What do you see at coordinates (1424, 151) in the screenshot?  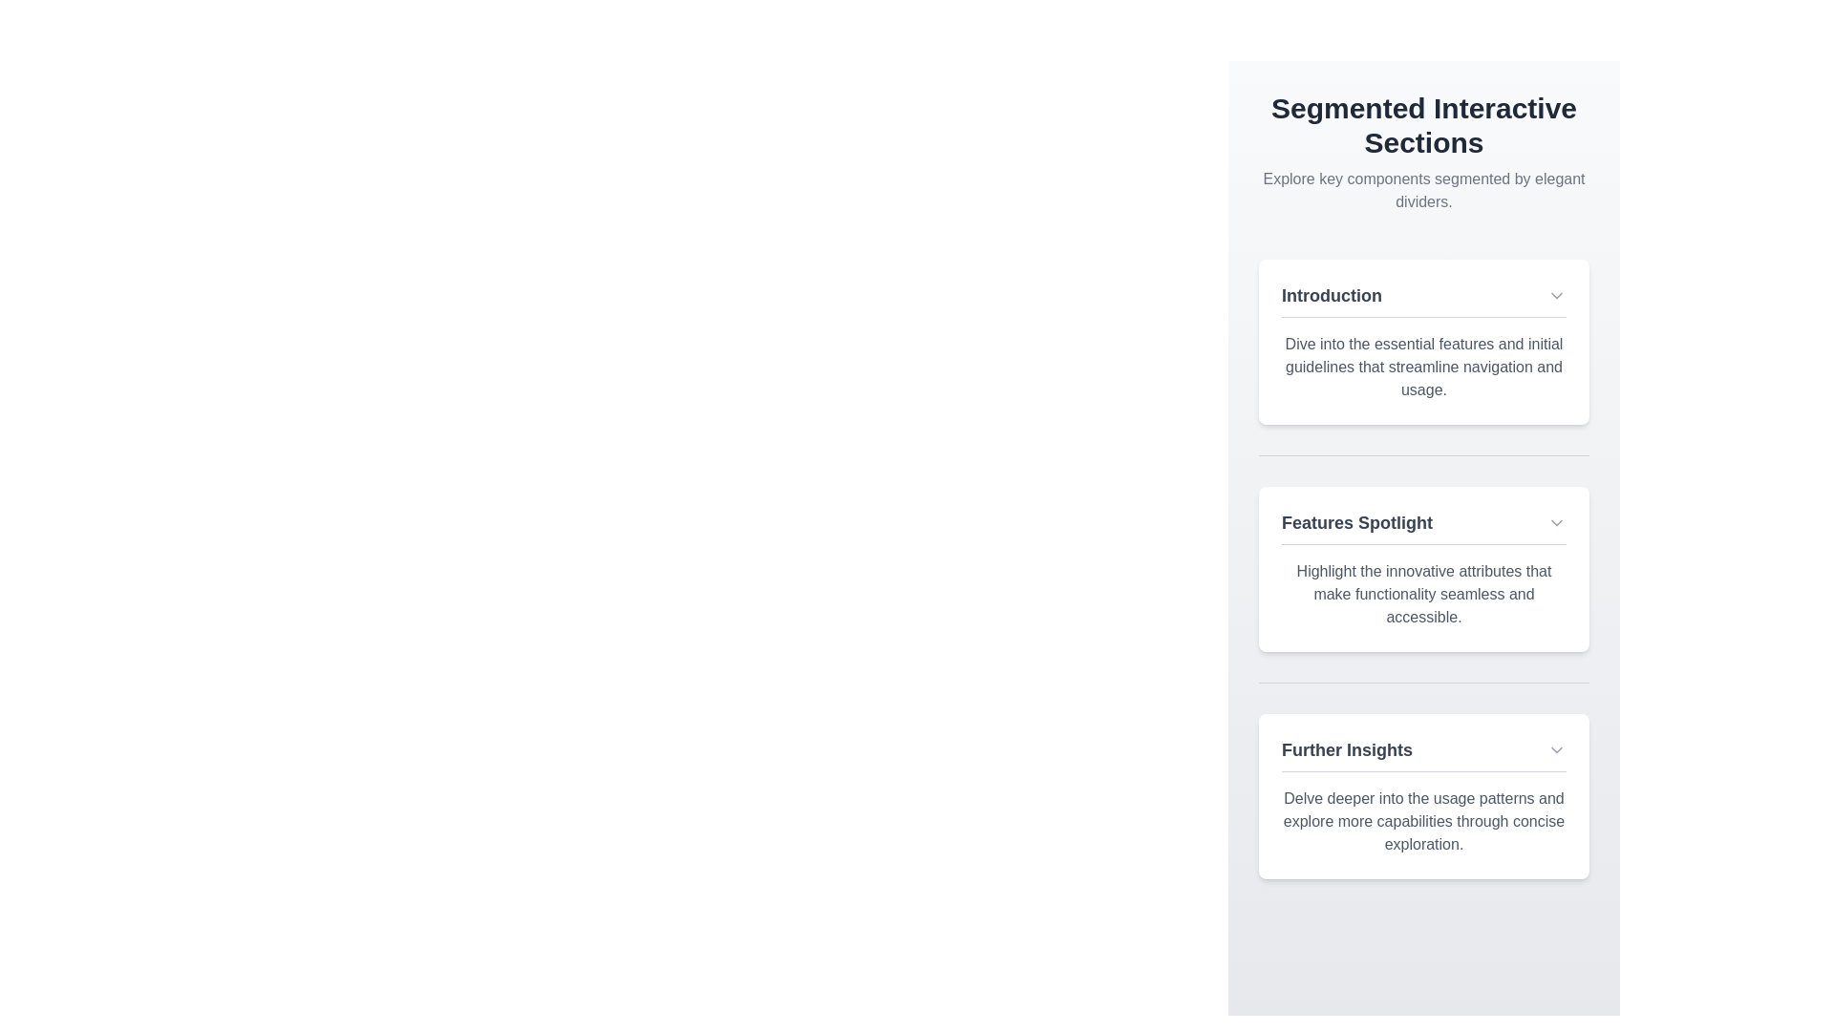 I see `the text label that reads 'Segmented Interactive Sections,' which is bold and large, positioned at the top of the layout` at bounding box center [1424, 151].